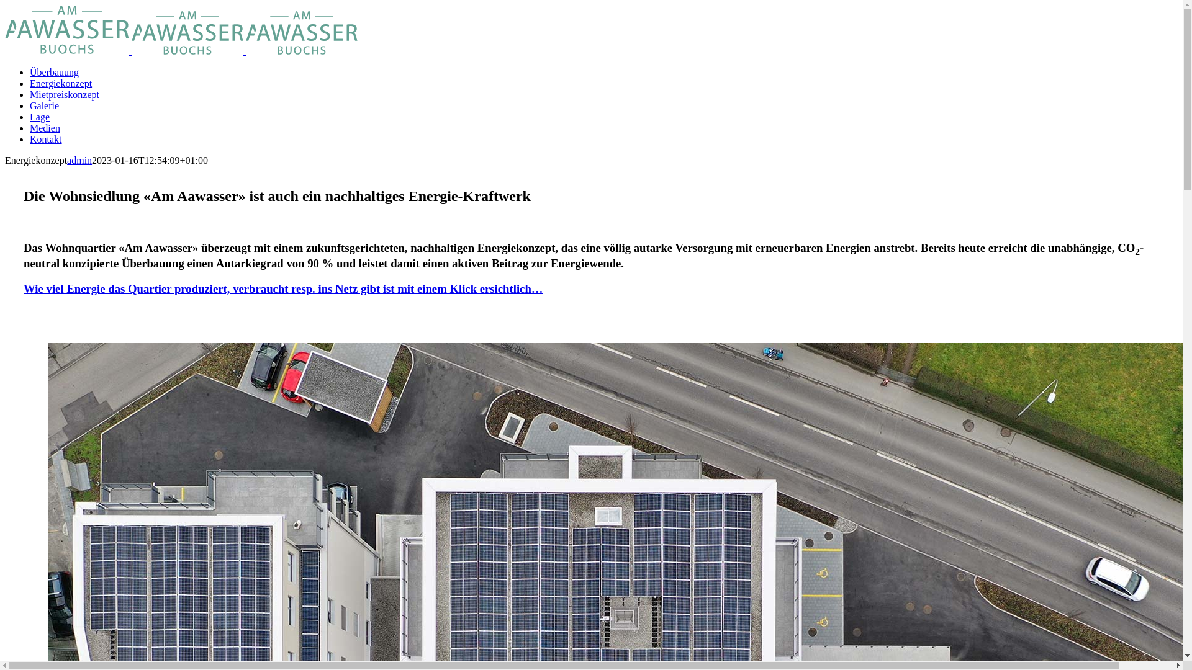 Image resolution: width=1192 pixels, height=670 pixels. What do you see at coordinates (64, 94) in the screenshot?
I see `'Mietpreiskonzept'` at bounding box center [64, 94].